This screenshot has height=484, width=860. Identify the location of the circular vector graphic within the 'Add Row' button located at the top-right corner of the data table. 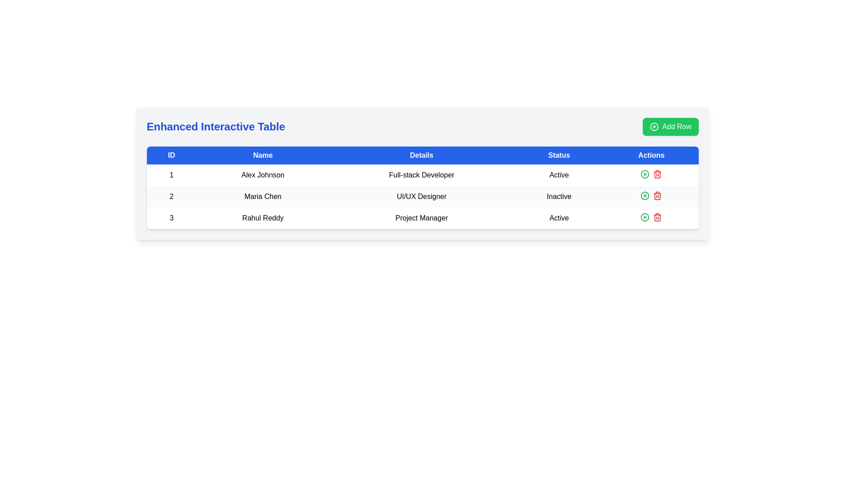
(654, 126).